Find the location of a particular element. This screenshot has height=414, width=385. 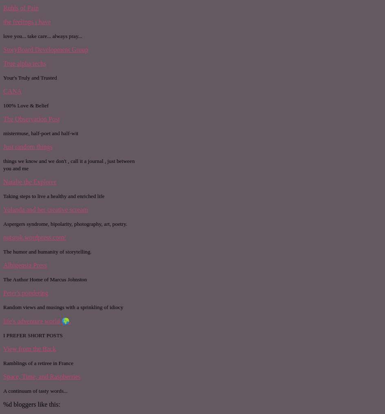

'View from the Back' is located at coordinates (29, 348).